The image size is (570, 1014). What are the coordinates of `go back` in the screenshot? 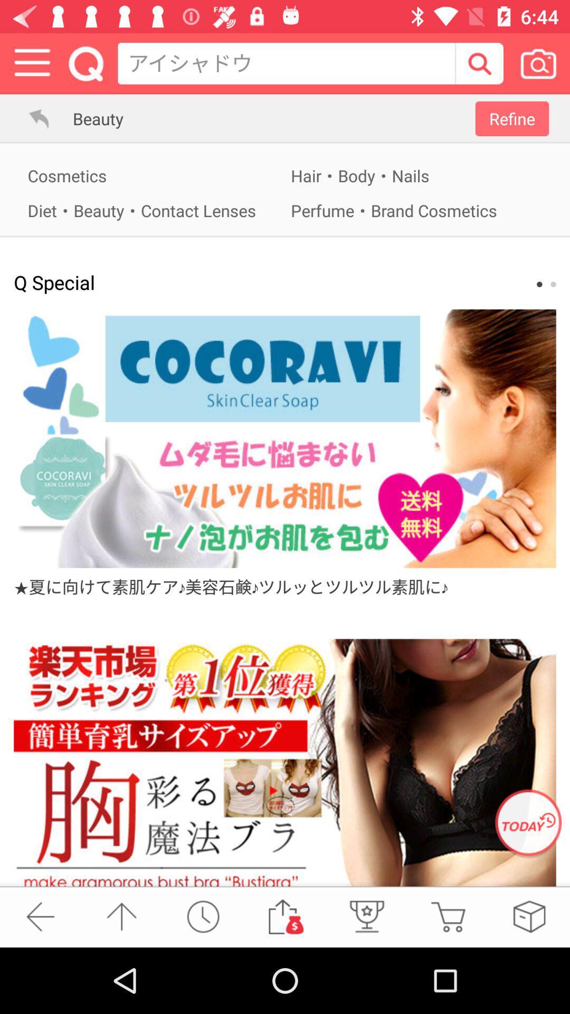 It's located at (40, 916).